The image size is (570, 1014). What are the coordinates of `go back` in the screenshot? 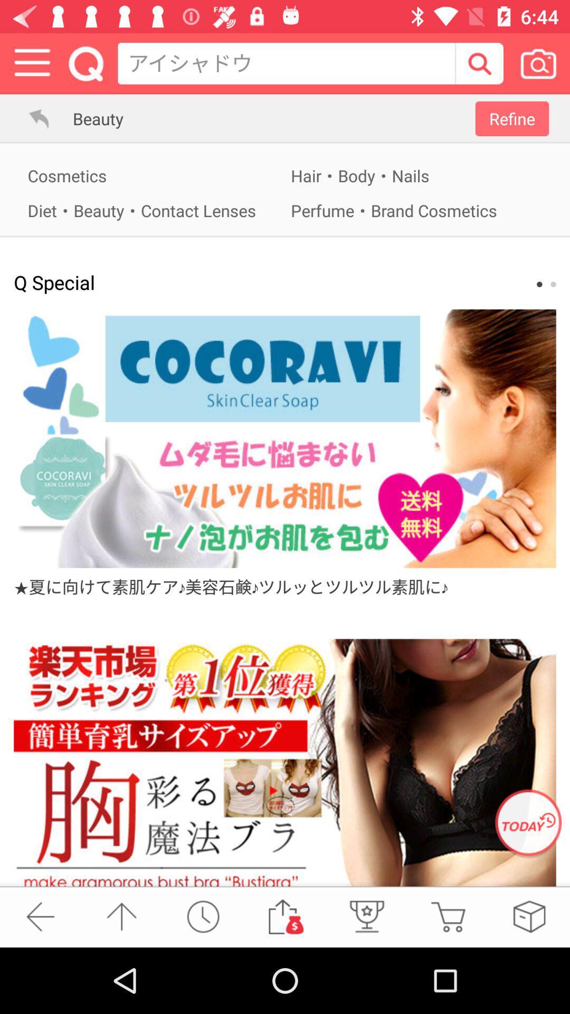 It's located at (40, 916).